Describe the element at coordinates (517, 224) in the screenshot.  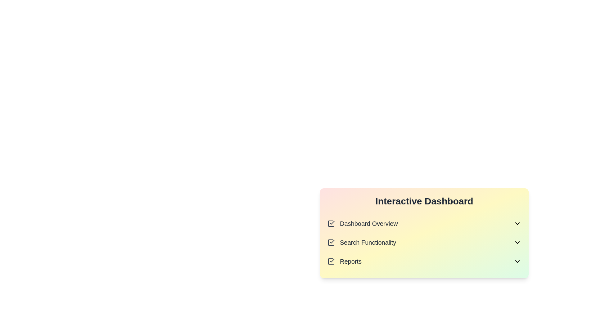
I see `the icon associated with Dashboard Overview to toggle its visibility` at that location.